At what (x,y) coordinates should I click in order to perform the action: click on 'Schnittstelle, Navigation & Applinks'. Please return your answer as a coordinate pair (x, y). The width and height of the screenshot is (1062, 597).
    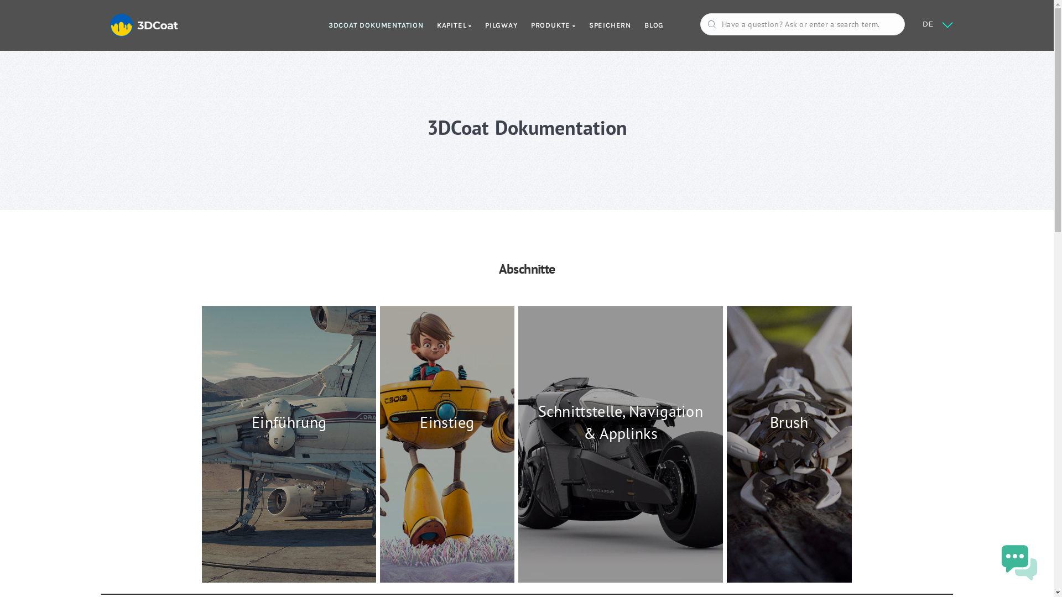
    Looking at the image, I should click on (621, 443).